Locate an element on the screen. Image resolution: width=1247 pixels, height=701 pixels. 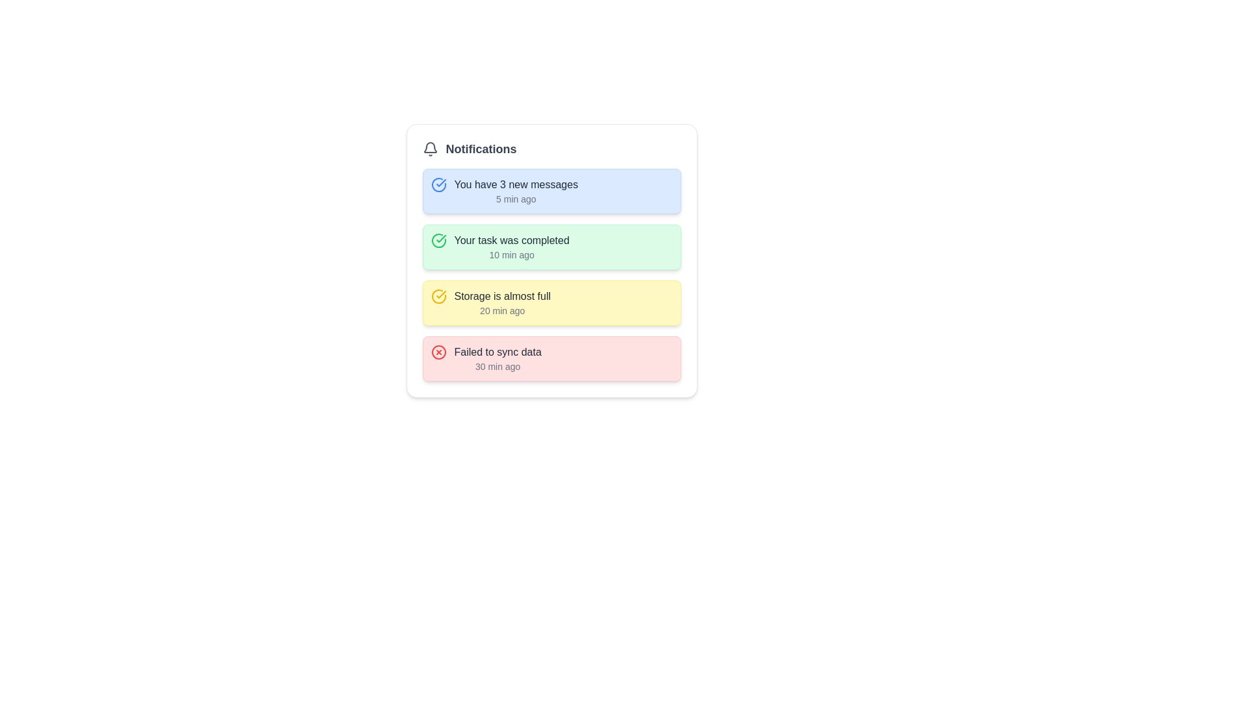
the static text content in the third notification item within the notification panel, which displays information about the storage status and is styled with a yellow background is located at coordinates (501, 296).